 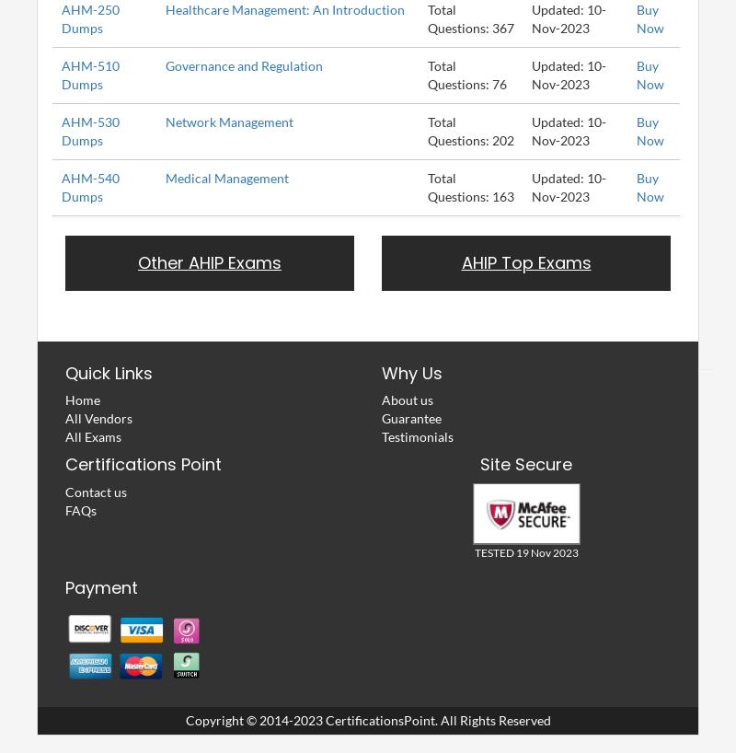 What do you see at coordinates (64, 492) in the screenshot?
I see `'Contact us'` at bounding box center [64, 492].